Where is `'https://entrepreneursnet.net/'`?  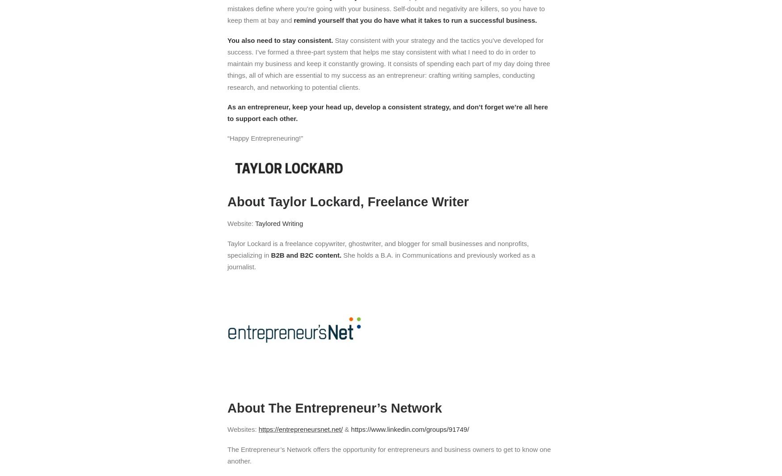
'https://entrepreneursnet.net/' is located at coordinates (300, 429).